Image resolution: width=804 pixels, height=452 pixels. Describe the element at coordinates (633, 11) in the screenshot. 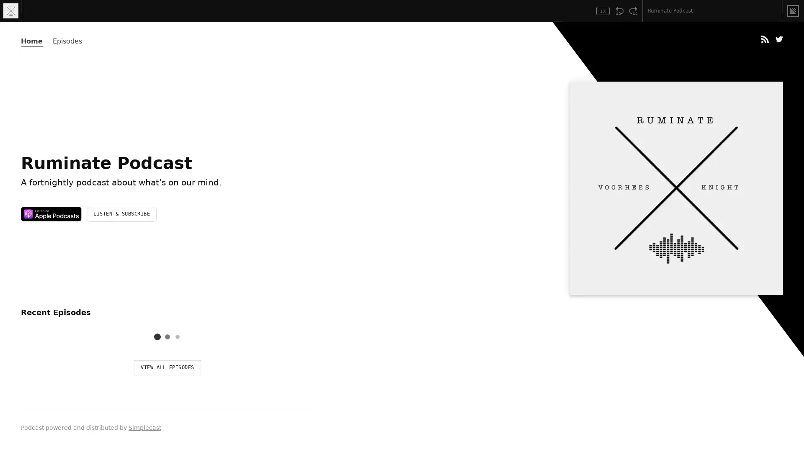

I see `Fast Forward 15 Seconds` at that location.